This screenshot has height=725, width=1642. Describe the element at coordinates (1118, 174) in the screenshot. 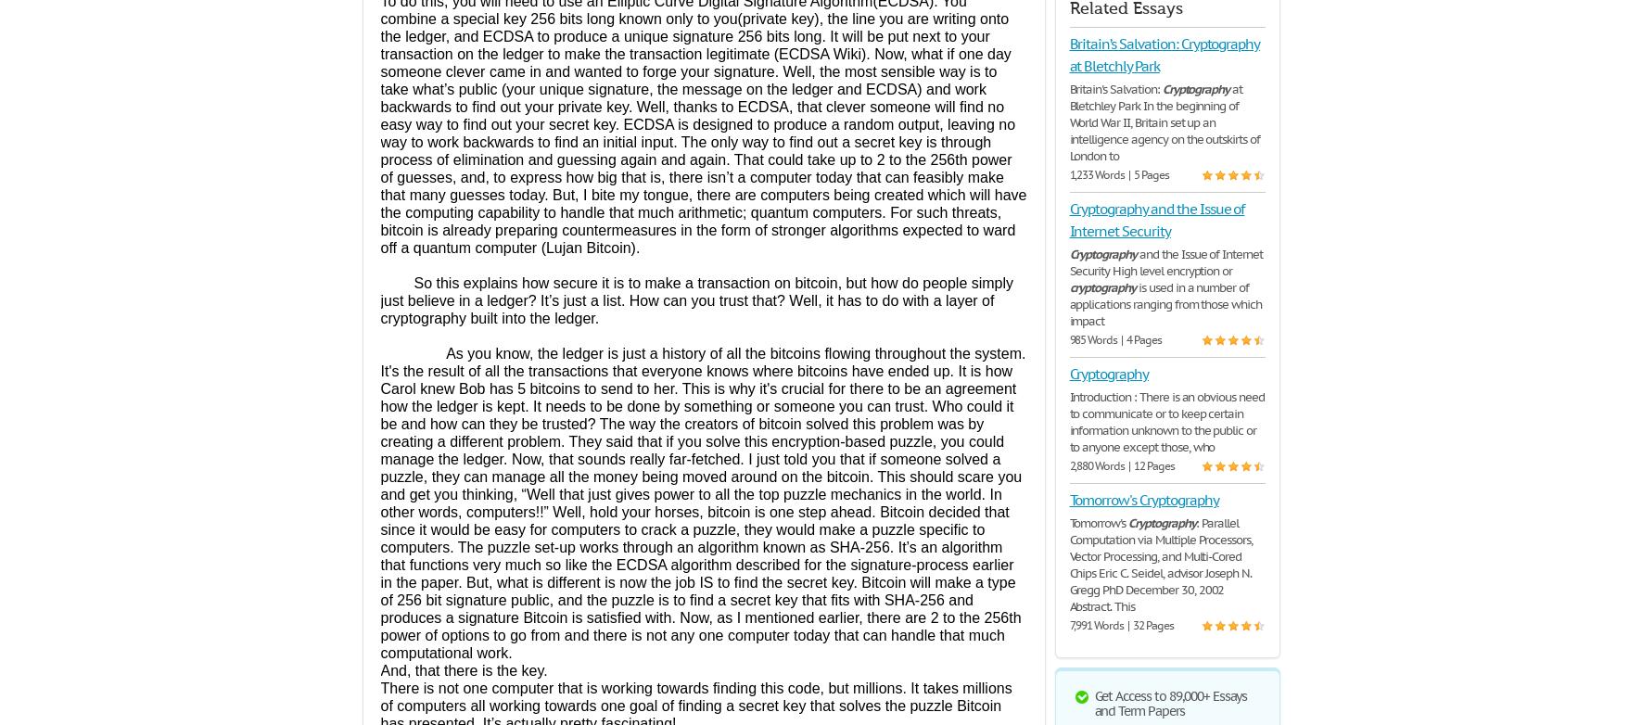

I see `'1,233 Words  |  5 Pages'` at that location.